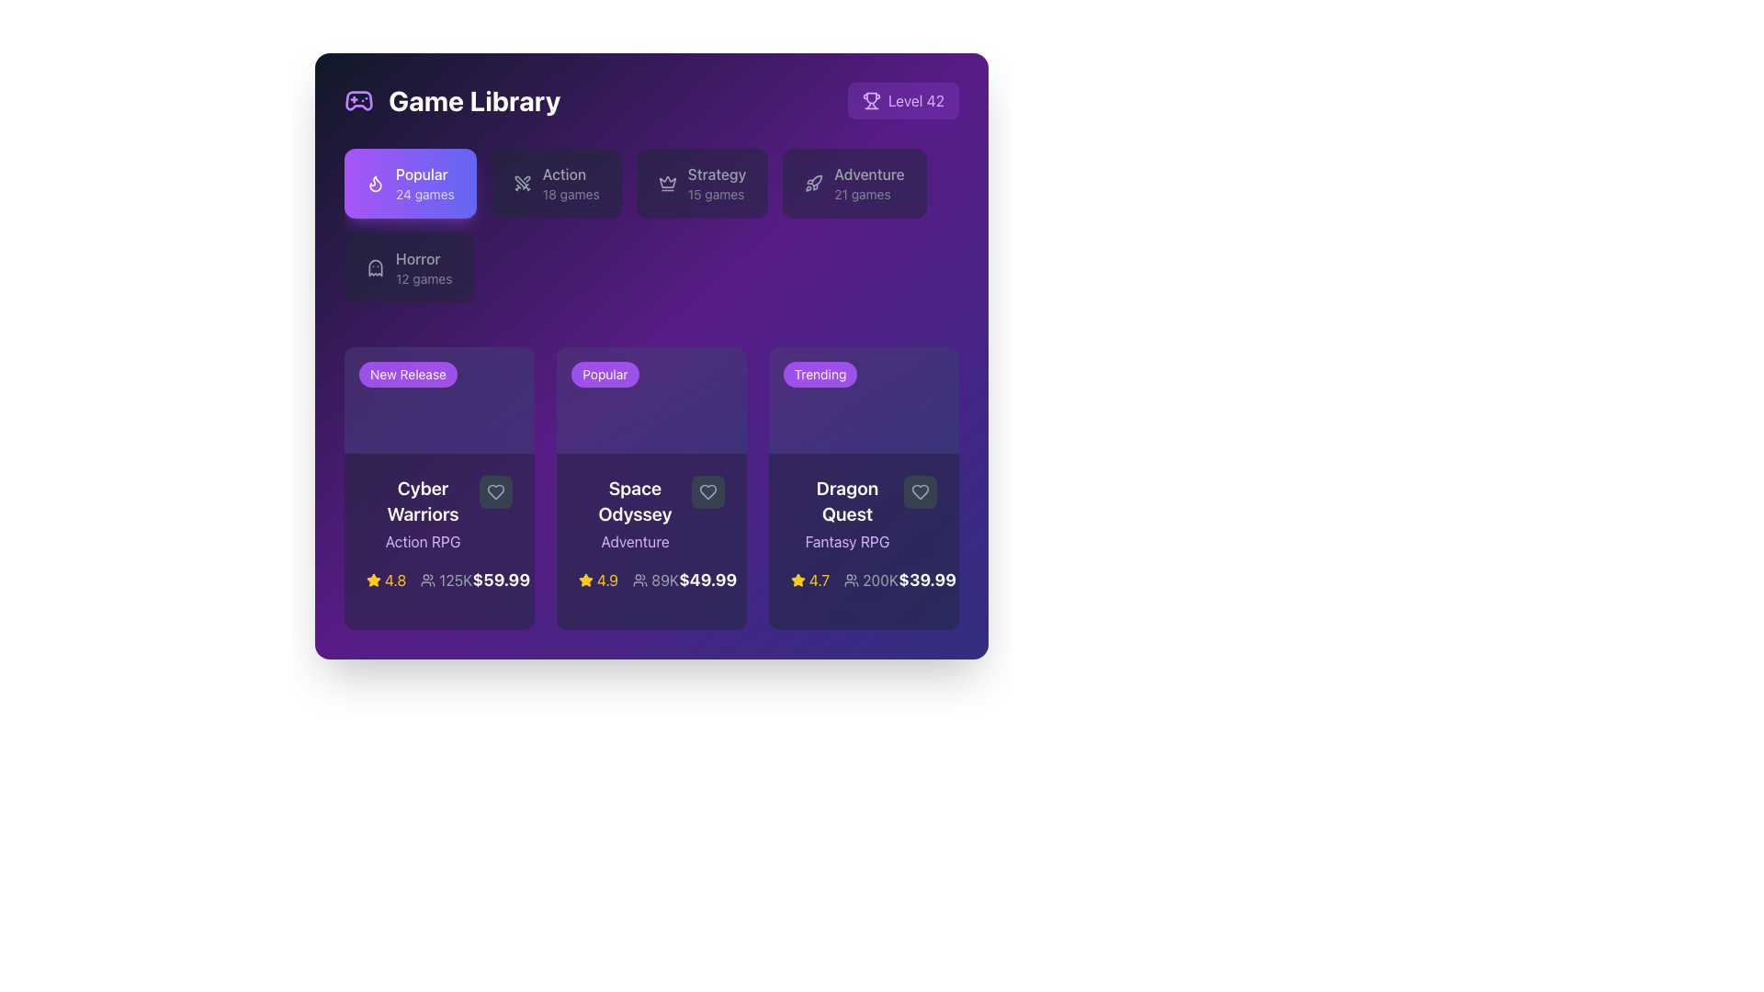  Describe the element at coordinates (635, 514) in the screenshot. I see `text displayed in the Text Display element that identifies the game 'Space Odyssey' and its genre 'Adventure', located in the second card of the 'Popular' section in the Game Library` at that location.